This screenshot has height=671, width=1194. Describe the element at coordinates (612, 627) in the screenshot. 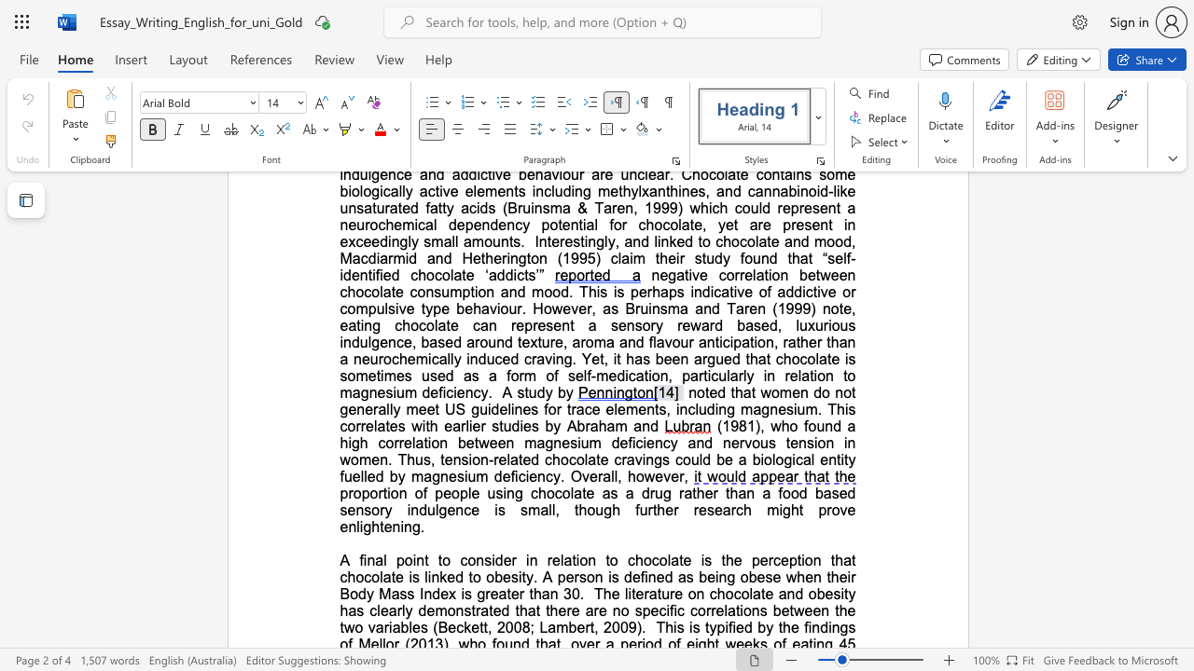

I see `the subset text "00" within the text "that there are no specific correlations between the two variables (Beckett, 2008; Lambert, 2009)"` at that location.